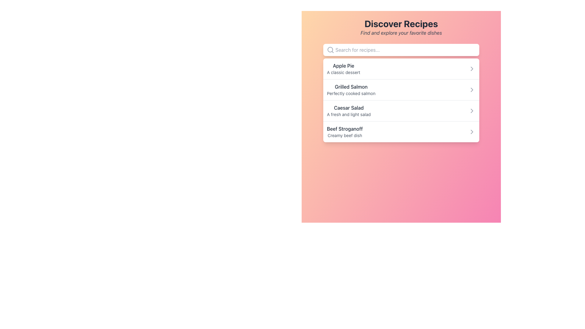 Image resolution: width=585 pixels, height=329 pixels. What do you see at coordinates (351, 87) in the screenshot?
I see `text label displaying 'Grilled Salmon' which is styled as a header in dark gray within a vertical list layout` at bounding box center [351, 87].